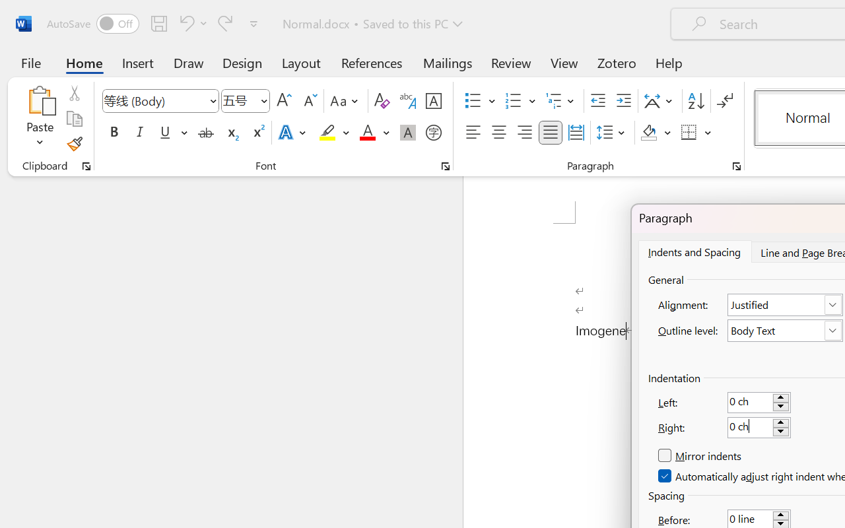 This screenshot has height=528, width=845. What do you see at coordinates (308, 101) in the screenshot?
I see `'Shrink Font'` at bounding box center [308, 101].